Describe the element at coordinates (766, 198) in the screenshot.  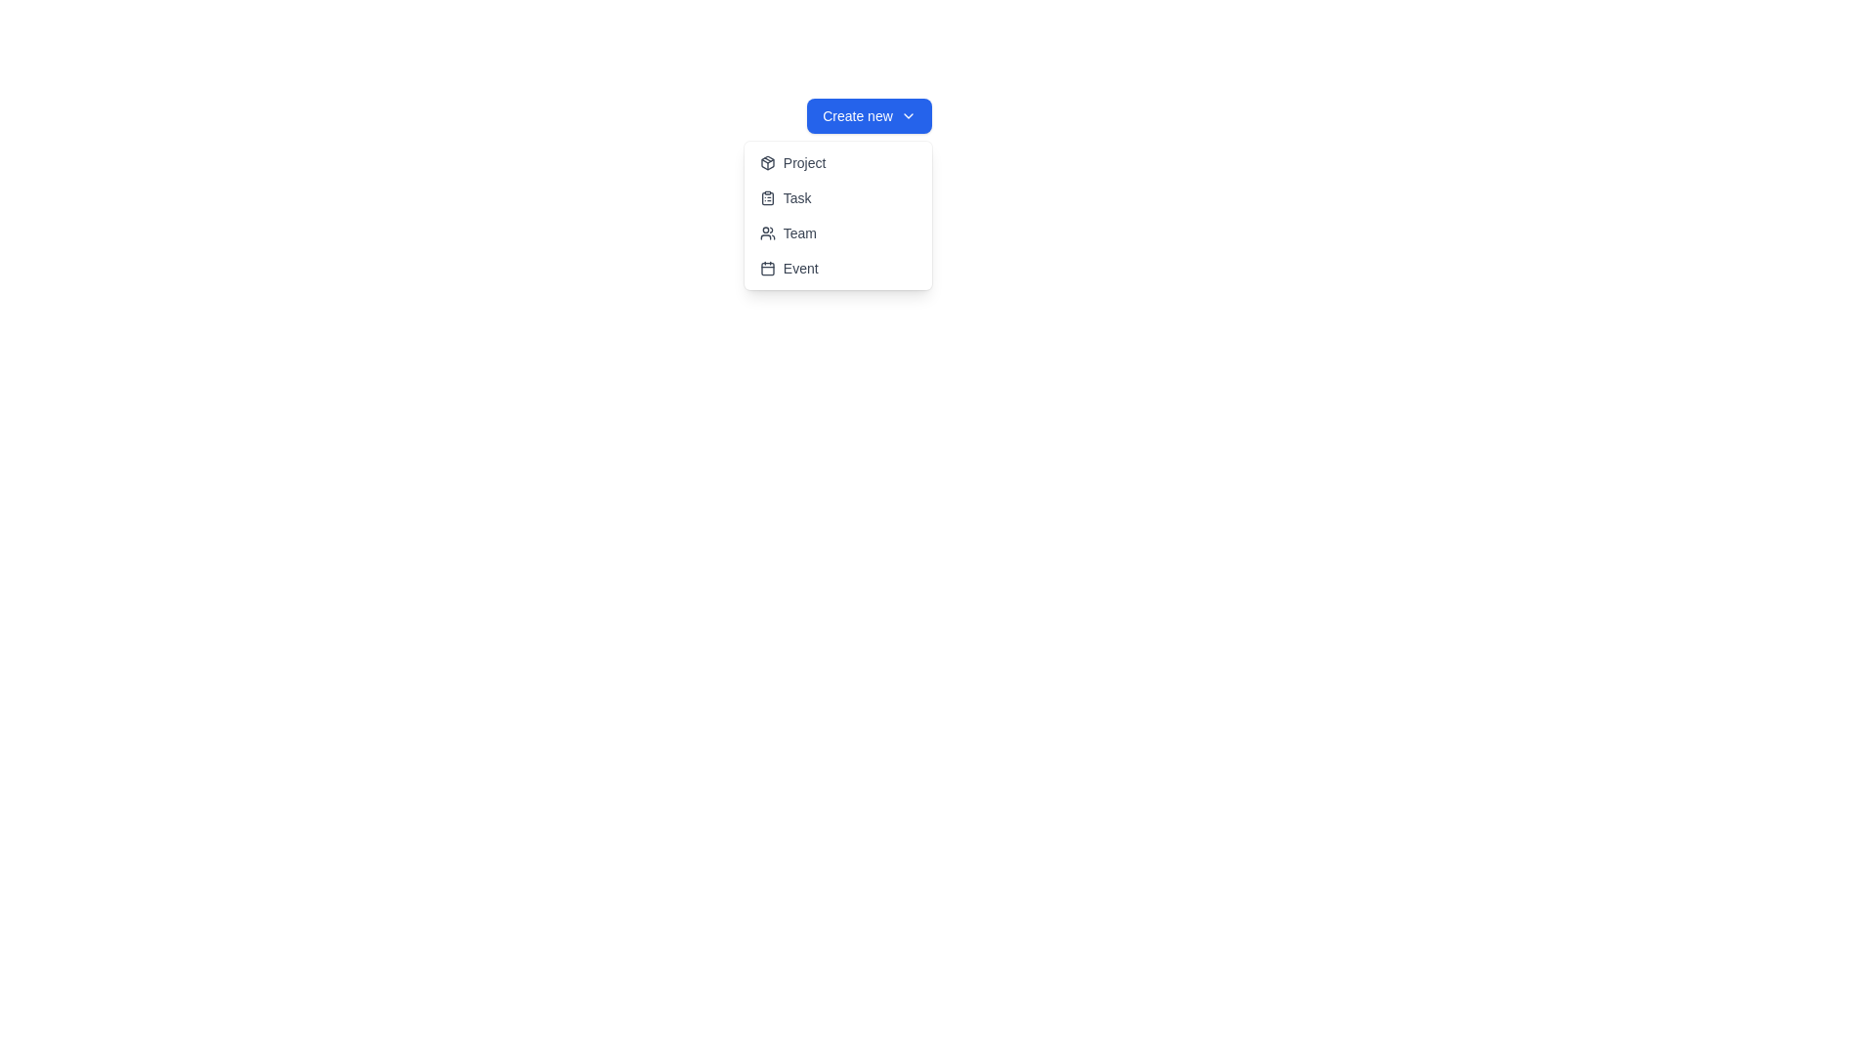
I see `the clipboard list icon, which is a line drawing within the 'Task' menu item, to potentially reveal more details` at that location.